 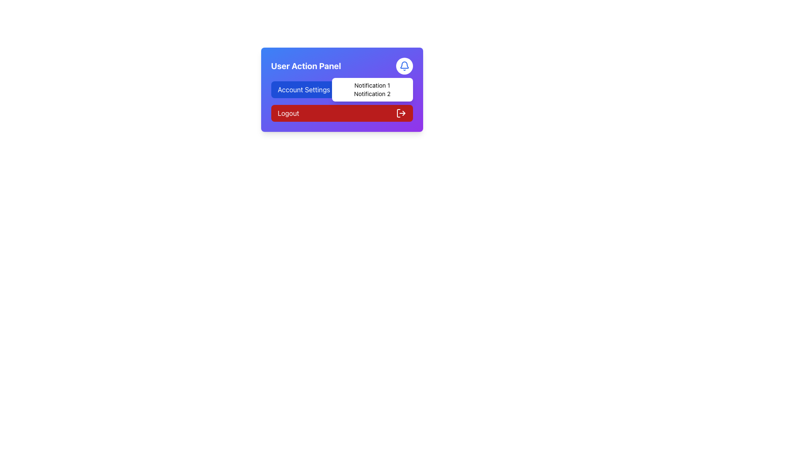 What do you see at coordinates (342, 113) in the screenshot?
I see `the logout button located beneath the 'Account Settings' button in the 'User Action Panel'` at bounding box center [342, 113].